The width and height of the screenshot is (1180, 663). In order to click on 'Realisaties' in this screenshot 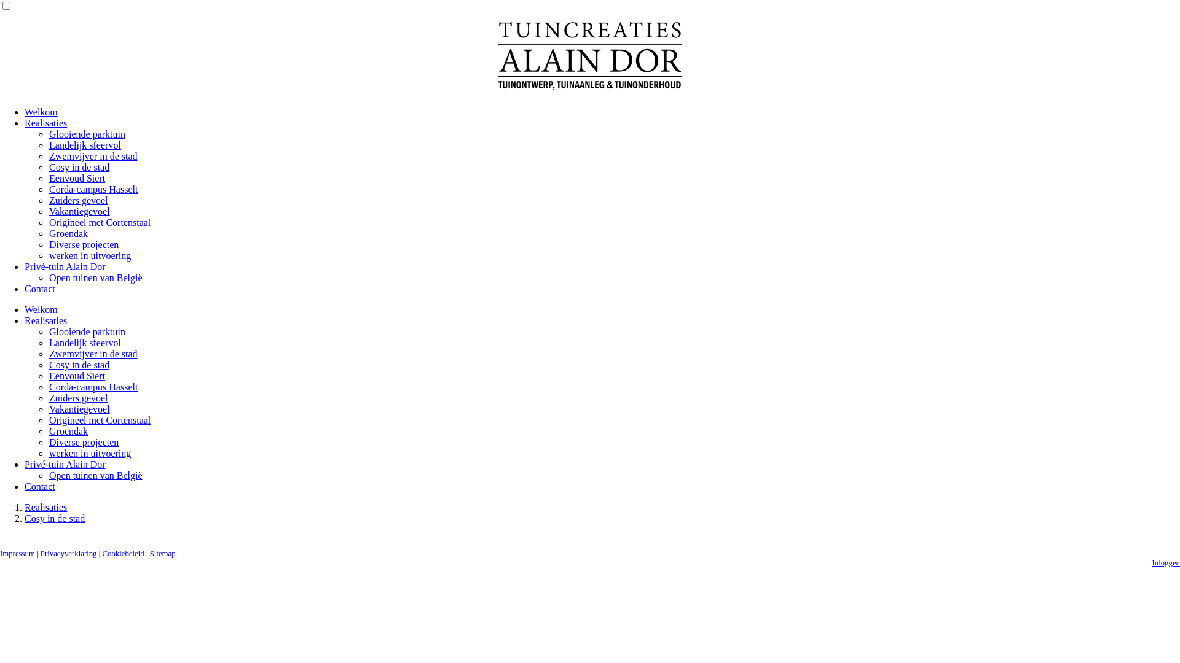, I will do `click(24, 123)`.